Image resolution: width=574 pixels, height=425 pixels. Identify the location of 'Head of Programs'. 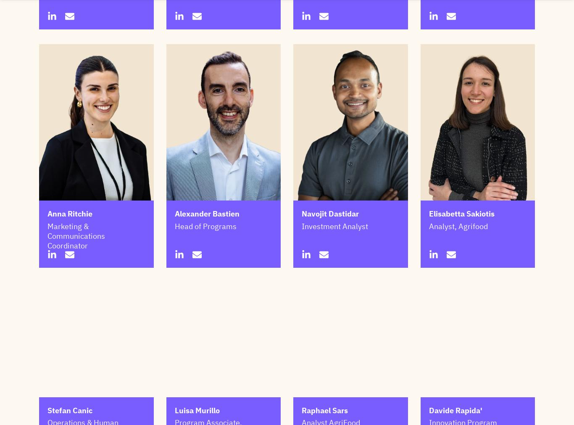
(205, 226).